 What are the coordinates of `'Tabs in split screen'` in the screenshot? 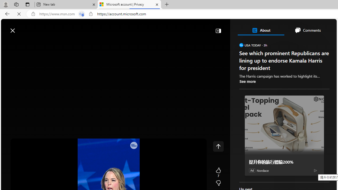 It's located at (81, 14).